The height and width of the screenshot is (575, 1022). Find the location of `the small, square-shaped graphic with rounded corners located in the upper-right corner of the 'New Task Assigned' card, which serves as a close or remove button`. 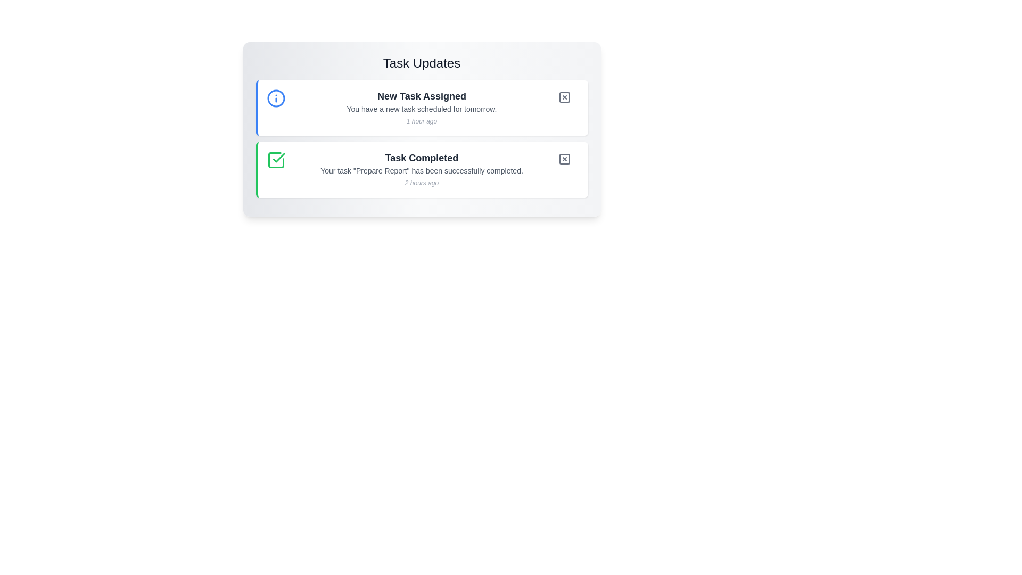

the small, square-shaped graphic with rounded corners located in the upper-right corner of the 'New Task Assigned' card, which serves as a close or remove button is located at coordinates (564, 97).